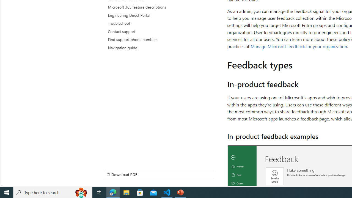 The height and width of the screenshot is (198, 352). Describe the element at coordinates (299, 46) in the screenshot. I see `'Manage Microsoft feedback for your organization'` at that location.